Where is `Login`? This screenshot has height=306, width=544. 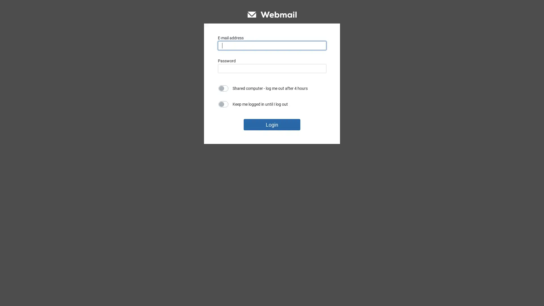
Login is located at coordinates (272, 124).